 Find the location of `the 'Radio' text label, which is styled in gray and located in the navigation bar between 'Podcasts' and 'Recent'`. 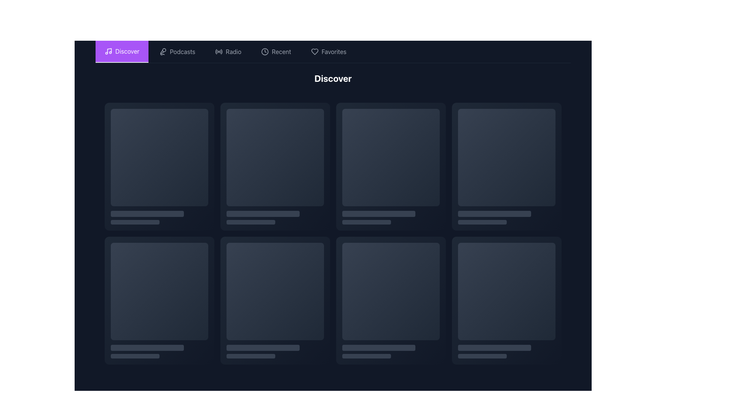

the 'Radio' text label, which is styled in gray and located in the navigation bar between 'Podcasts' and 'Recent' is located at coordinates (233, 51).